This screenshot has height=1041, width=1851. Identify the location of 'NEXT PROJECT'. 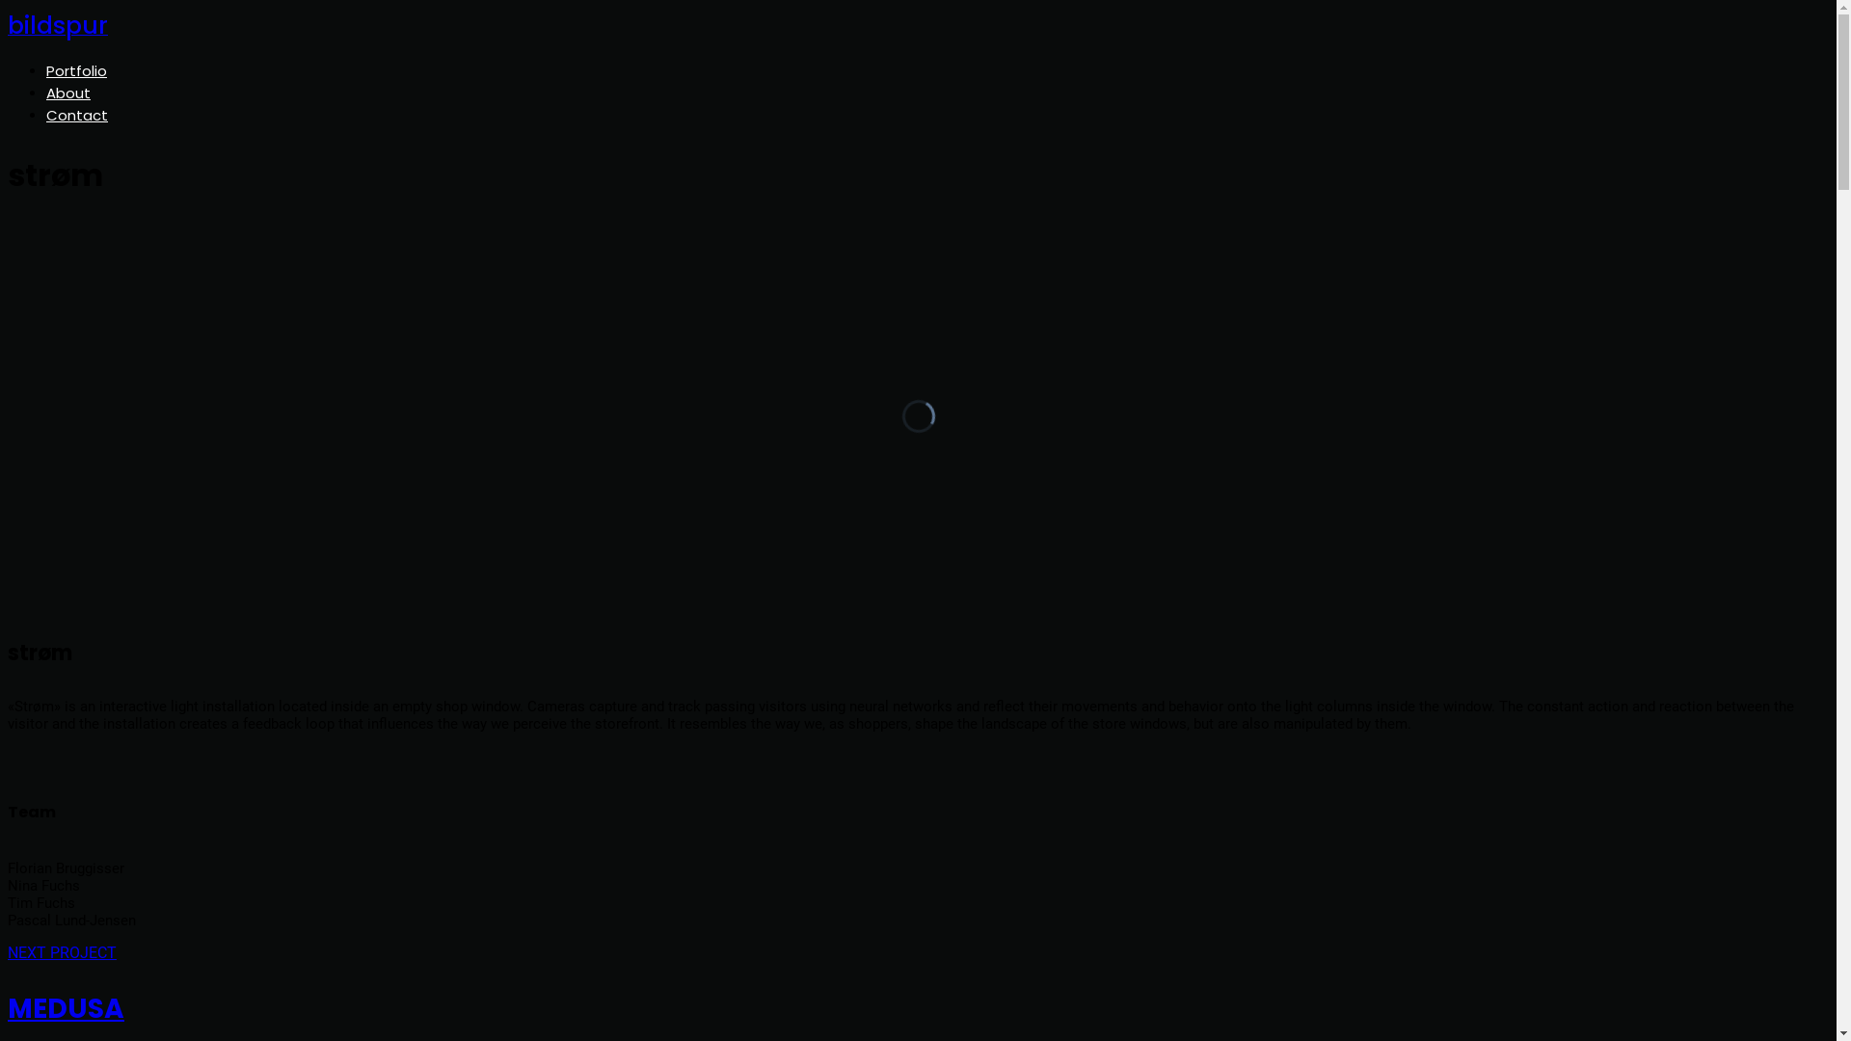
(62, 951).